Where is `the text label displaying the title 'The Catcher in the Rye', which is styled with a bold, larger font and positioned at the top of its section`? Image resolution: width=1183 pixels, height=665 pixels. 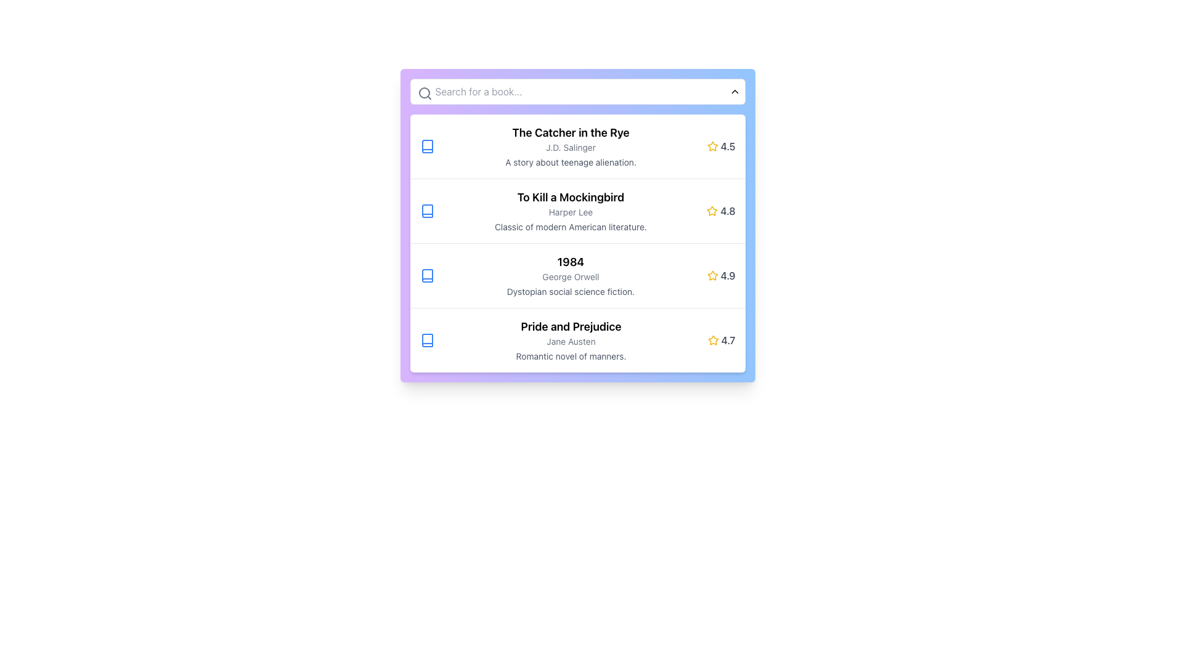
the text label displaying the title 'The Catcher in the Rye', which is styled with a bold, larger font and positioned at the top of its section is located at coordinates (570, 133).